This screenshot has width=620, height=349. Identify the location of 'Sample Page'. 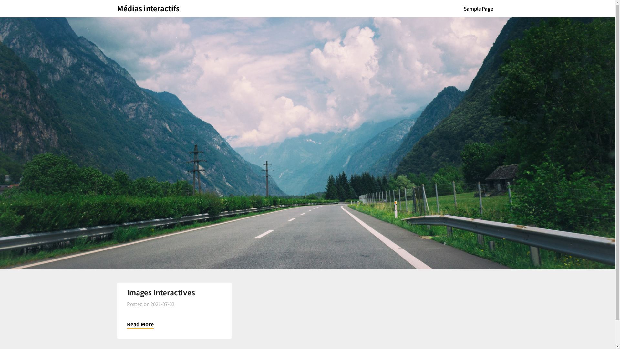
(458, 9).